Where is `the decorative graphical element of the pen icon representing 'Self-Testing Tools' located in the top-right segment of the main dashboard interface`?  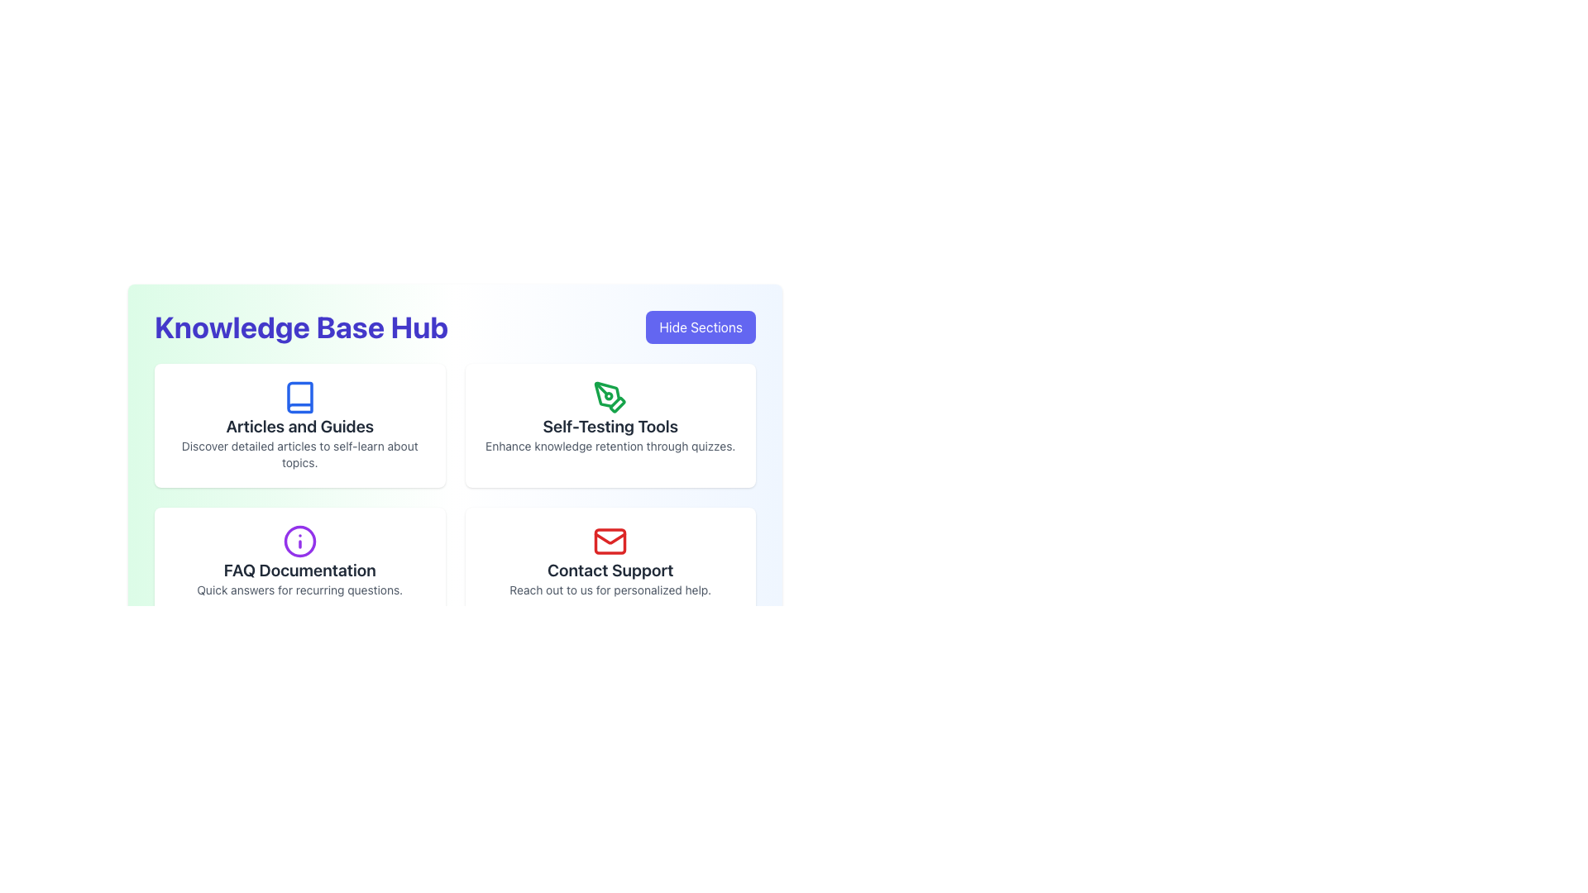 the decorative graphical element of the pen icon representing 'Self-Testing Tools' located in the top-right segment of the main dashboard interface is located at coordinates (617, 404).